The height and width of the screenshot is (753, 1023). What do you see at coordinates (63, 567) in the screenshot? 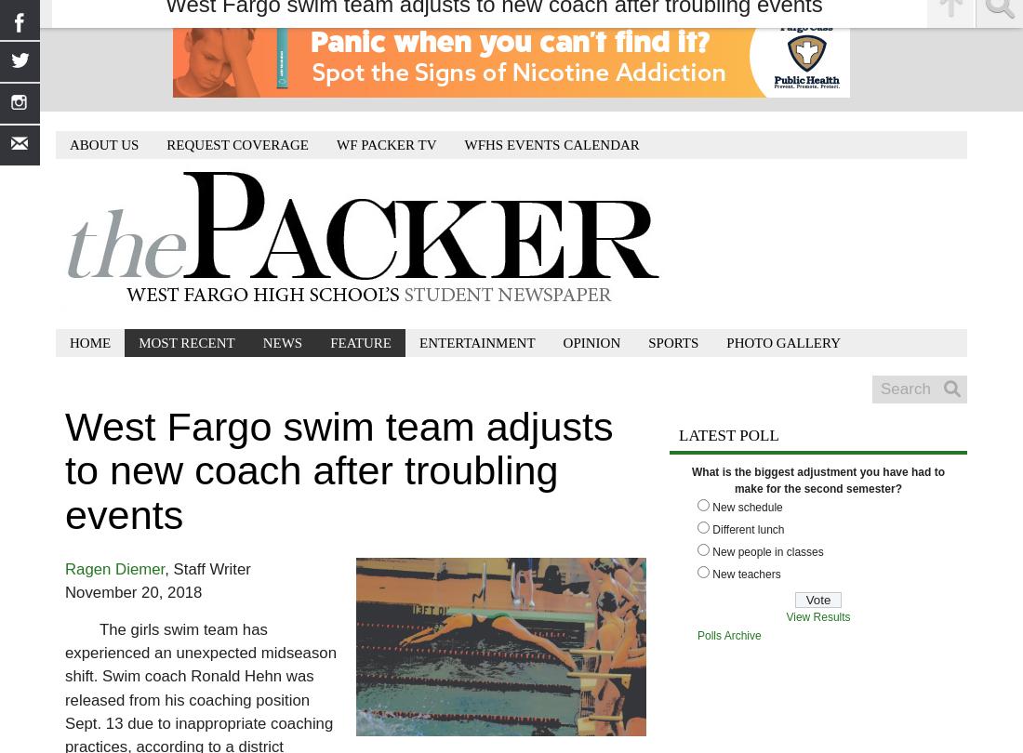
I see `'Ragen Diemer'` at bounding box center [63, 567].